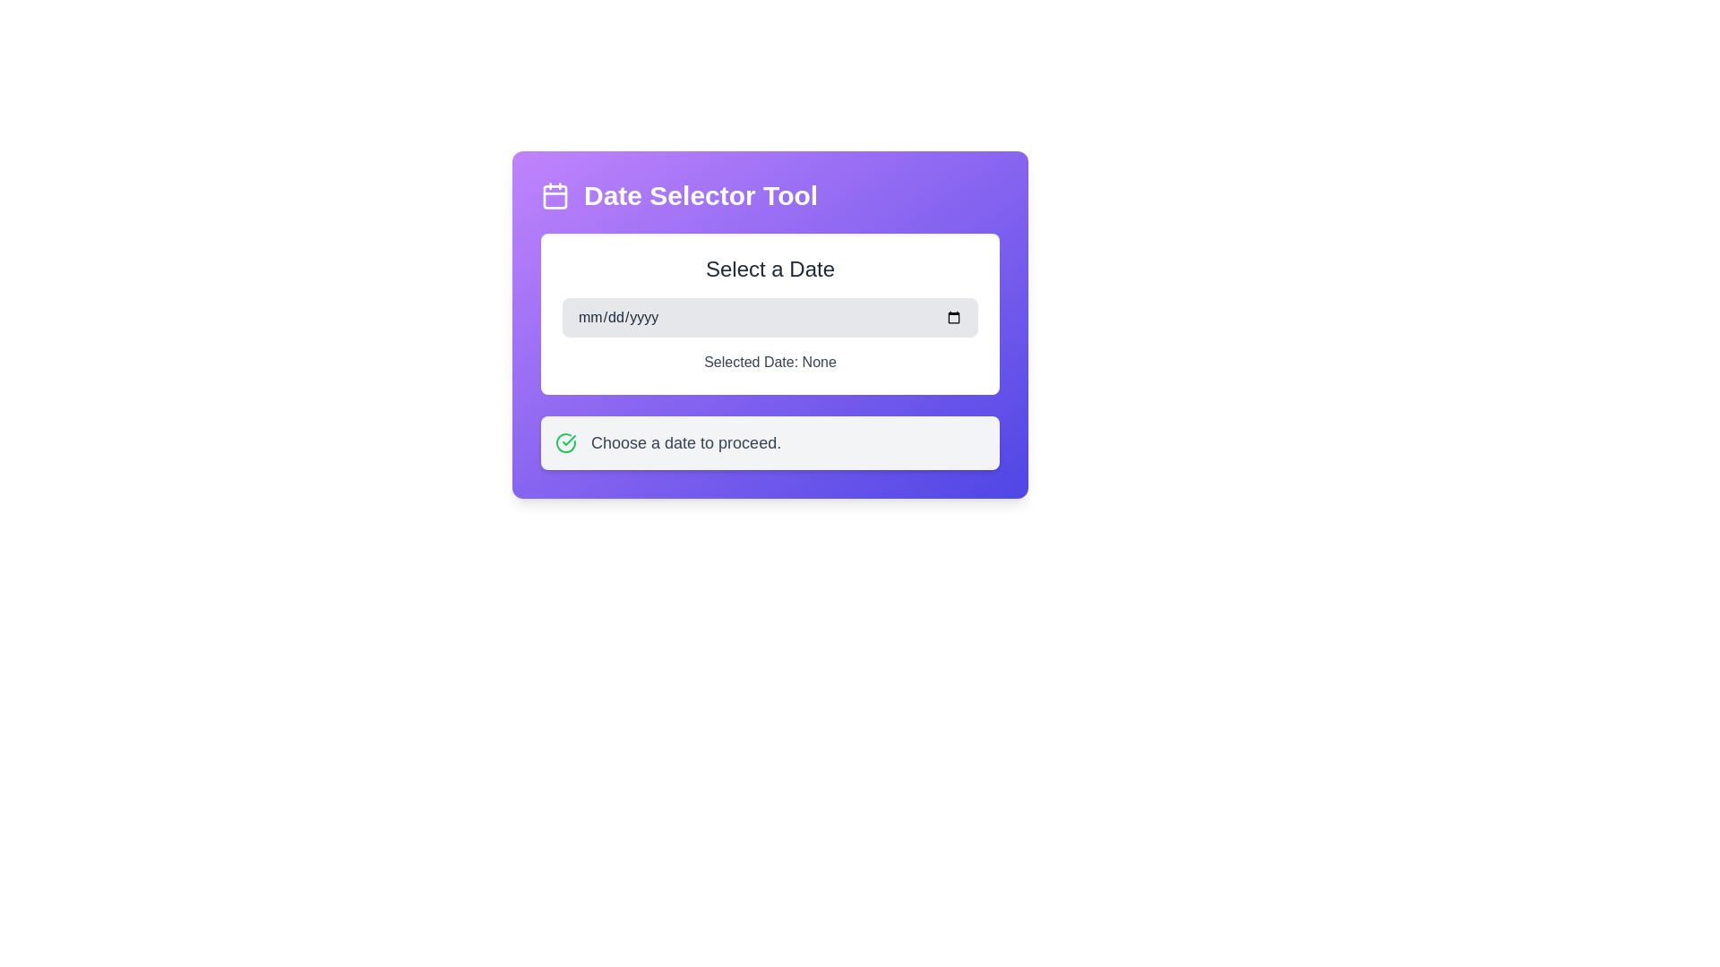 The image size is (1720, 967). Describe the element at coordinates (770, 442) in the screenshot. I see `the instructional label with icon located in the lower section of the purple gradient card, positioned beneath the date-related options box` at that location.